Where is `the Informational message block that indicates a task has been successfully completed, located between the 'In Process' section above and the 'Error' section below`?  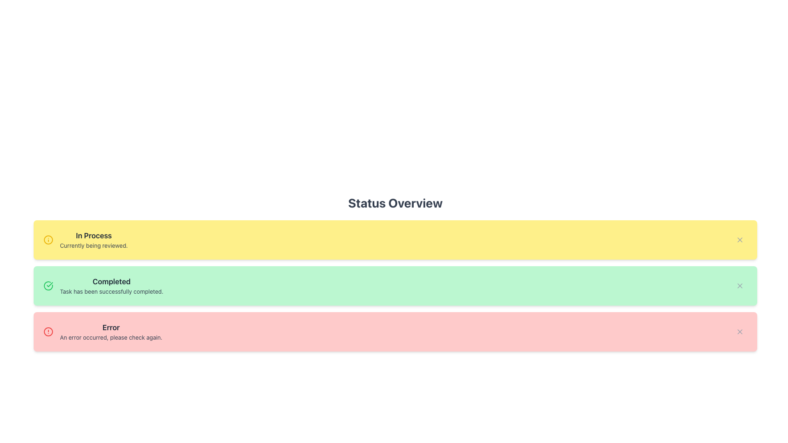 the Informational message block that indicates a task has been successfully completed, located between the 'In Process' section above and the 'Error' section below is located at coordinates (111, 285).